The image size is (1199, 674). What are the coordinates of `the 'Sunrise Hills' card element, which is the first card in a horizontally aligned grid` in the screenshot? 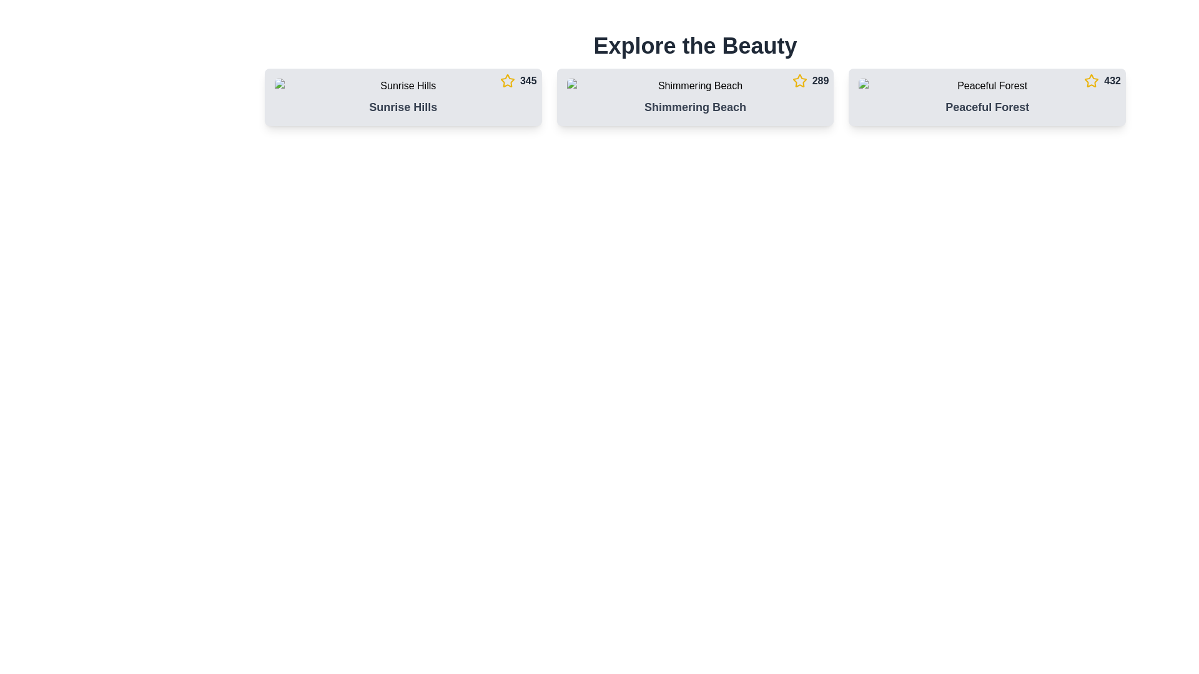 It's located at (403, 96).